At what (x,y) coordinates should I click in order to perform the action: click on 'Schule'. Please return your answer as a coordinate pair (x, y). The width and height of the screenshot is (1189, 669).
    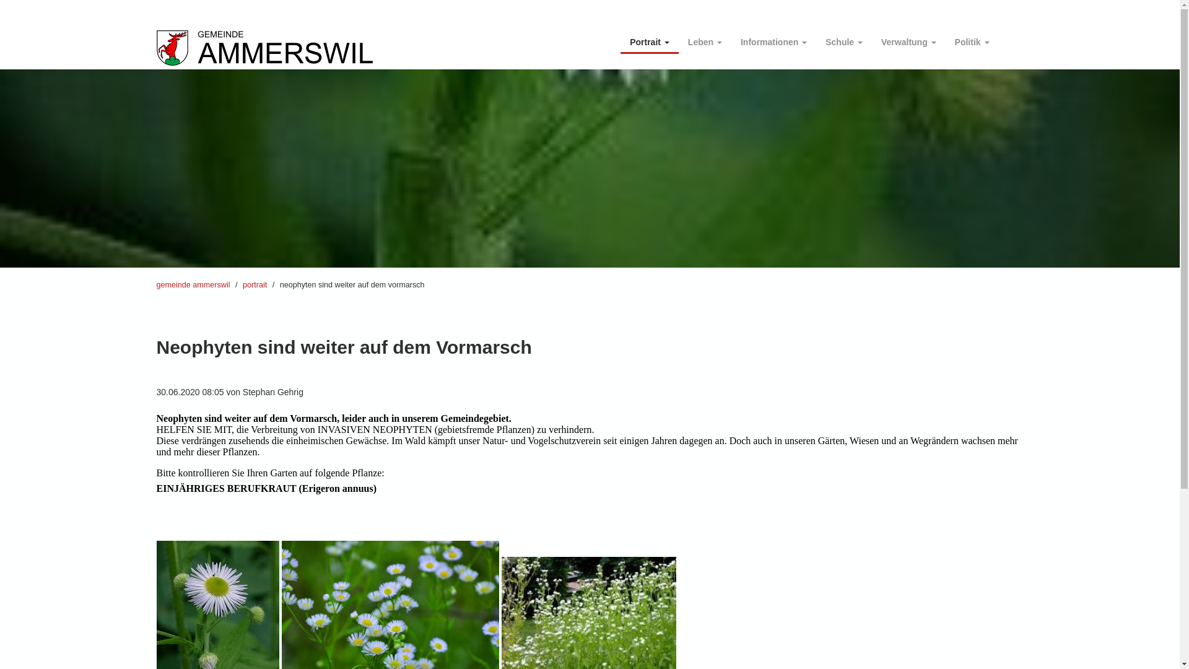
    Looking at the image, I should click on (843, 38).